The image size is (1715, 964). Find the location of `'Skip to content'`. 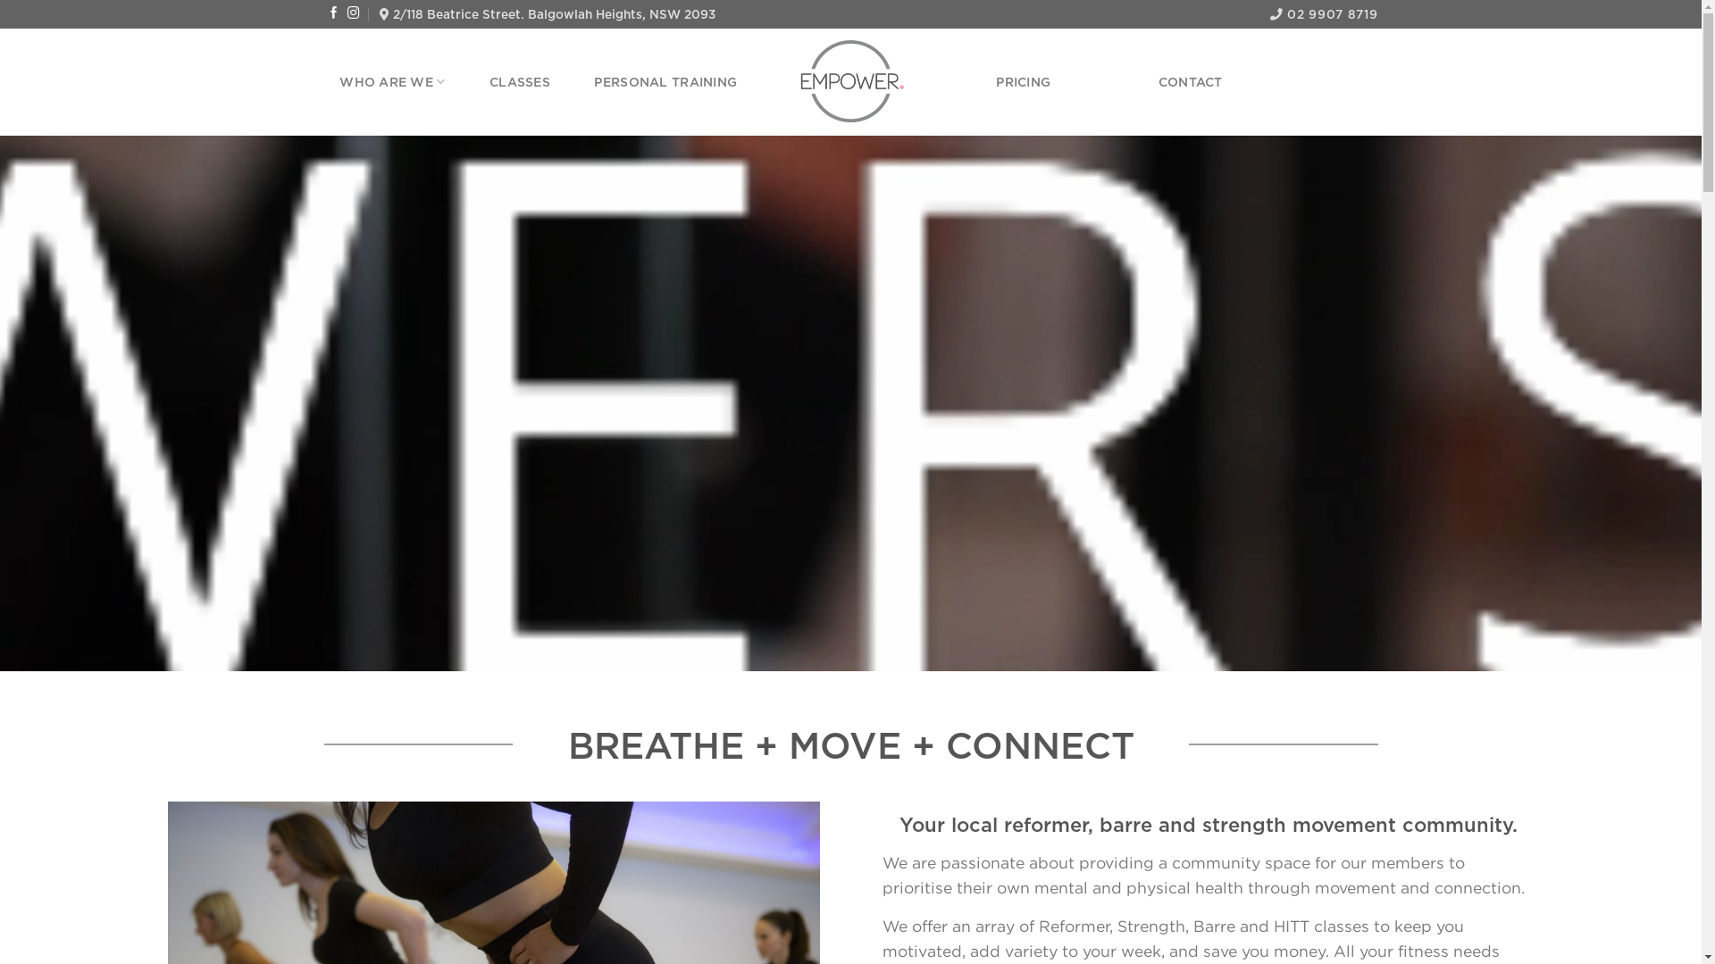

'Skip to content' is located at coordinates (0, 0).